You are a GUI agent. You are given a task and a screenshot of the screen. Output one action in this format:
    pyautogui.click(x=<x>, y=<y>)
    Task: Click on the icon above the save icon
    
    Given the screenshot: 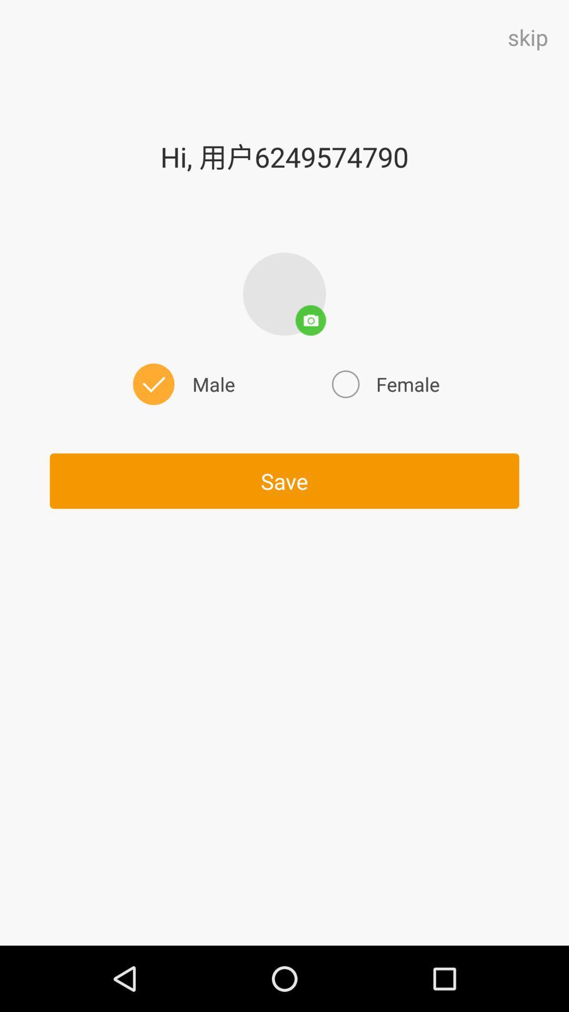 What is the action you would take?
    pyautogui.click(x=384, y=384)
    